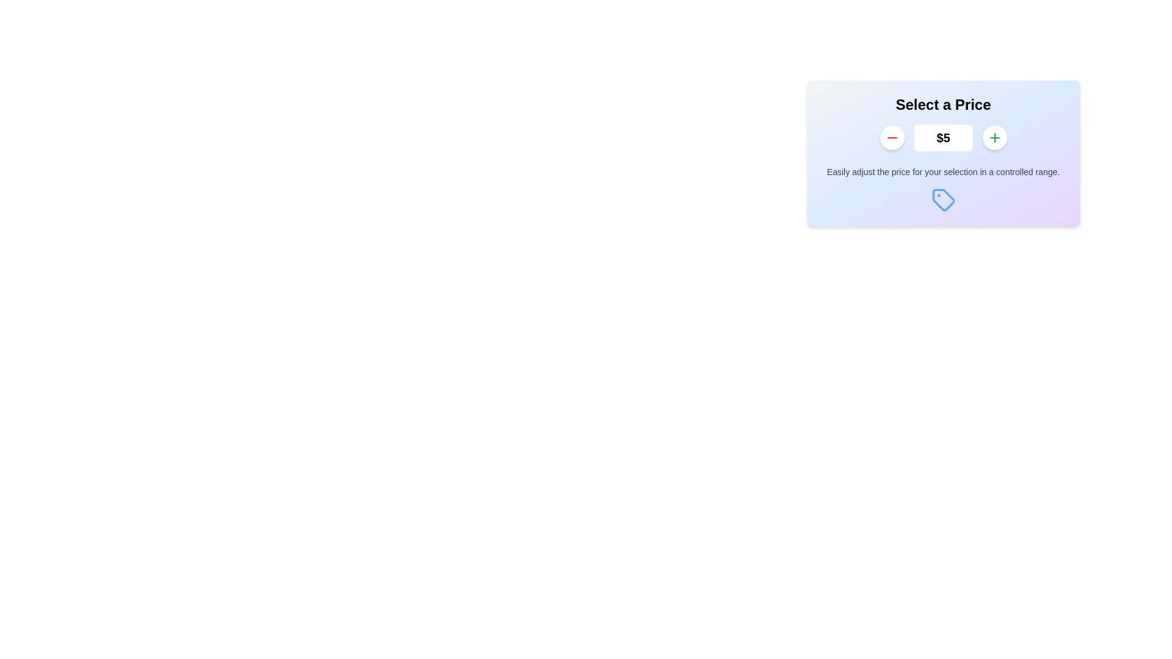  What do you see at coordinates (892, 137) in the screenshot?
I see `the leftmost button with a red-minus icon to decrease the price displayed in the adjacent box` at bounding box center [892, 137].